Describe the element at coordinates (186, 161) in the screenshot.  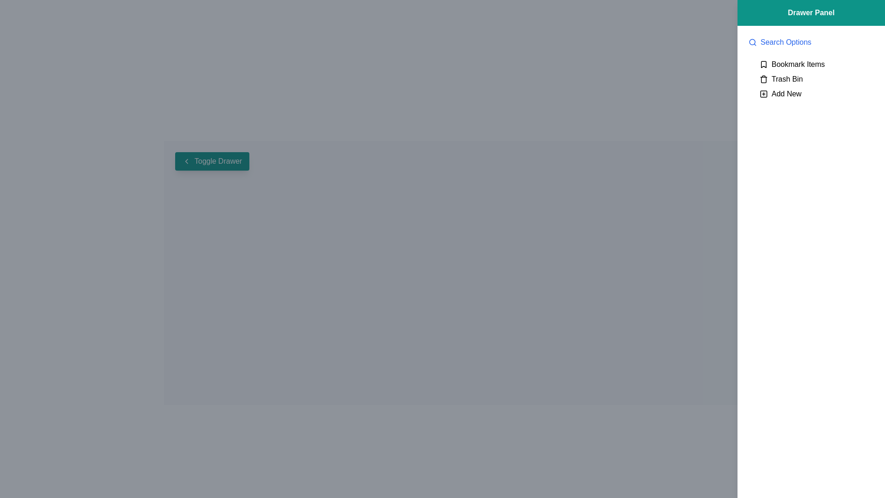
I see `the small left-pointing chevron icon with a thin, double-line design, which is part of the 'Toggle Drawer' button` at that location.